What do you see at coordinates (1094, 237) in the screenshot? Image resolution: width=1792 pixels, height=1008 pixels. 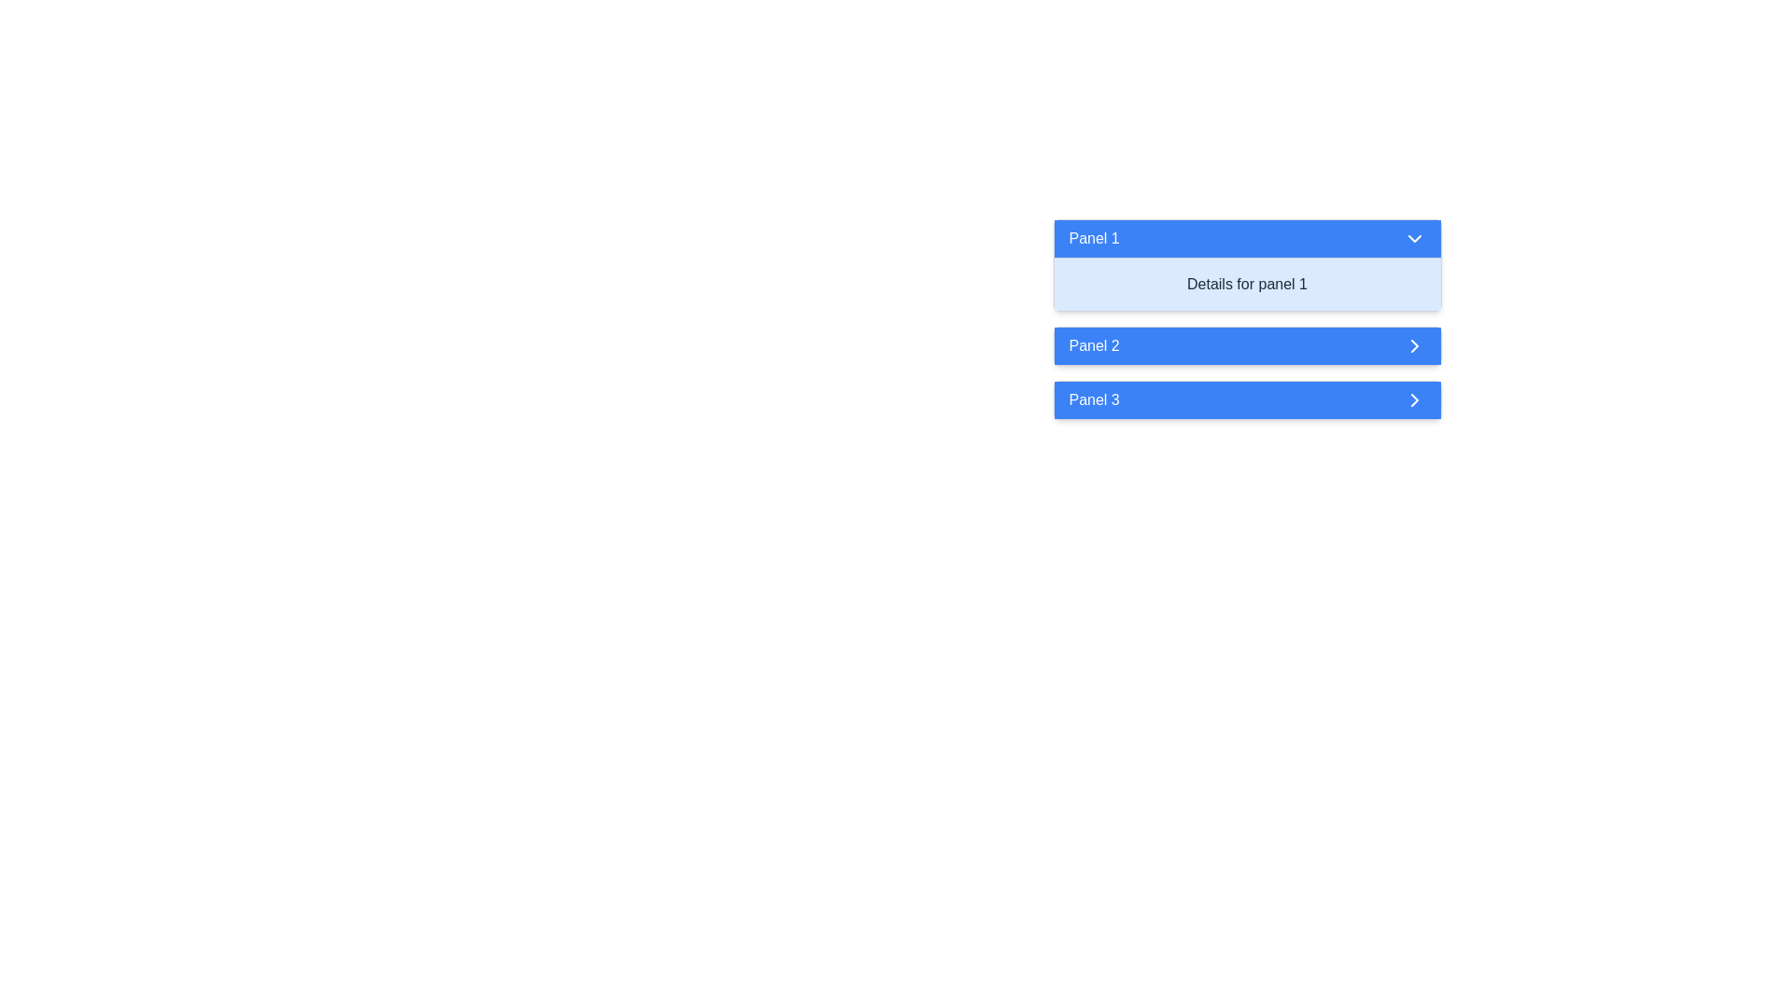 I see `the 'Panel 1' label located in the top panel header, positioned towards the left of the panel title` at bounding box center [1094, 237].